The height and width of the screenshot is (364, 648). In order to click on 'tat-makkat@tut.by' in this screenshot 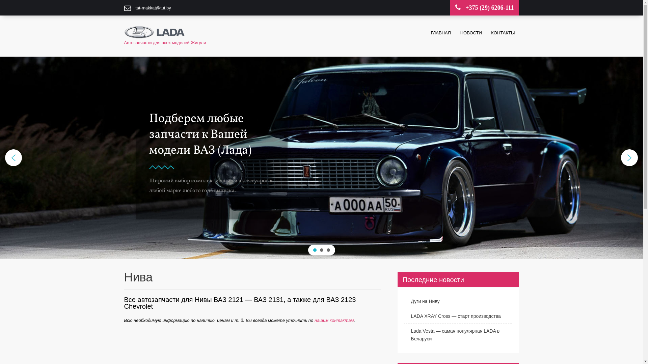, I will do `click(153, 8)`.